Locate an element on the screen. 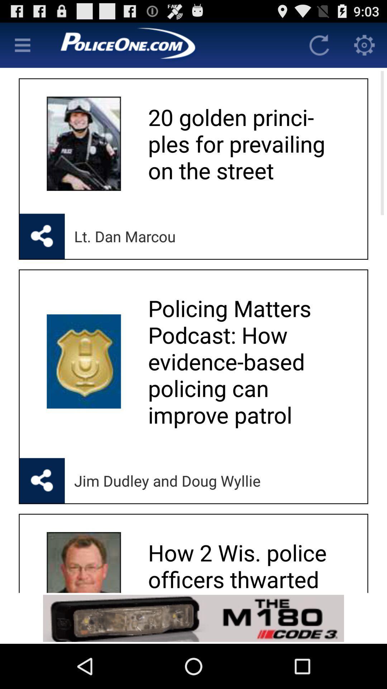 The height and width of the screenshot is (689, 387). open settings is located at coordinates (364, 44).